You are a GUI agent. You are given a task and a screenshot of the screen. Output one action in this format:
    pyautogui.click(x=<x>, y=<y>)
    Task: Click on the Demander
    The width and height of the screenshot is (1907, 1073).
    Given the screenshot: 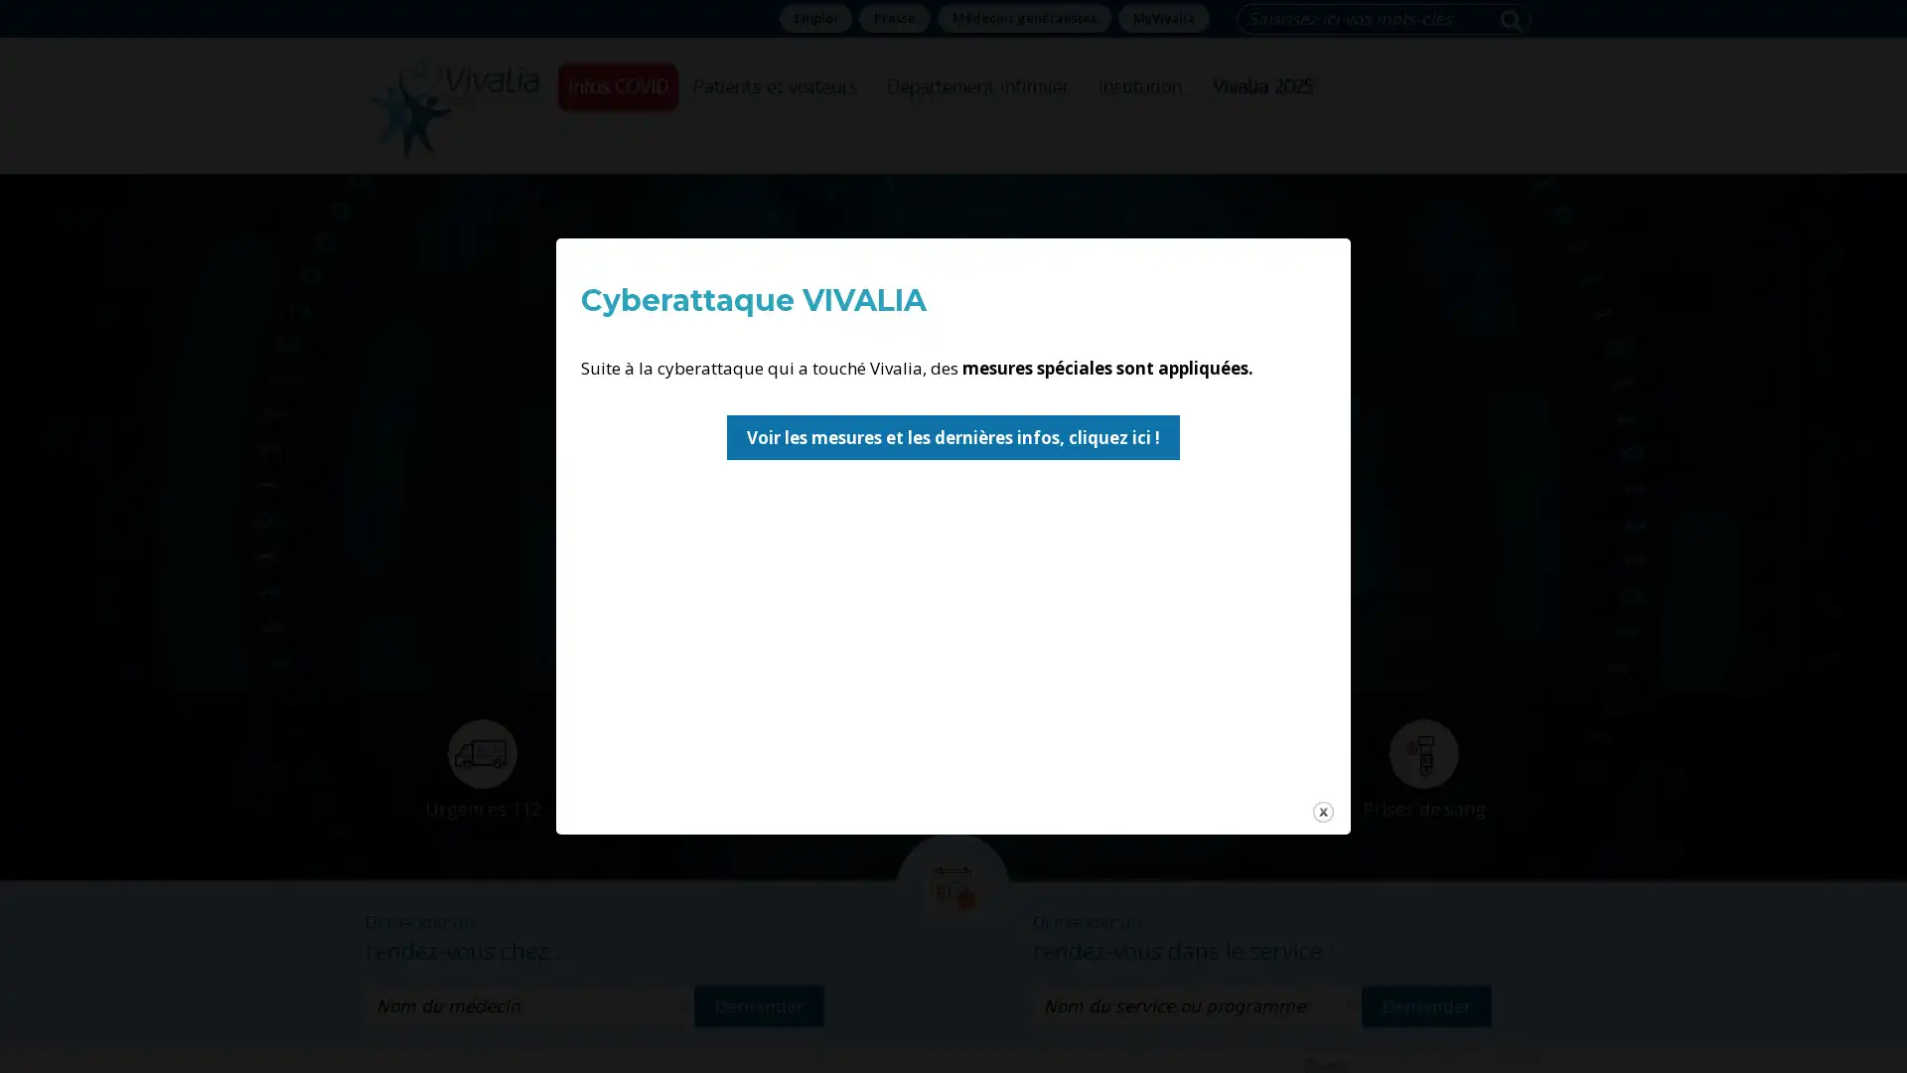 What is the action you would take?
    pyautogui.click(x=758, y=1004)
    